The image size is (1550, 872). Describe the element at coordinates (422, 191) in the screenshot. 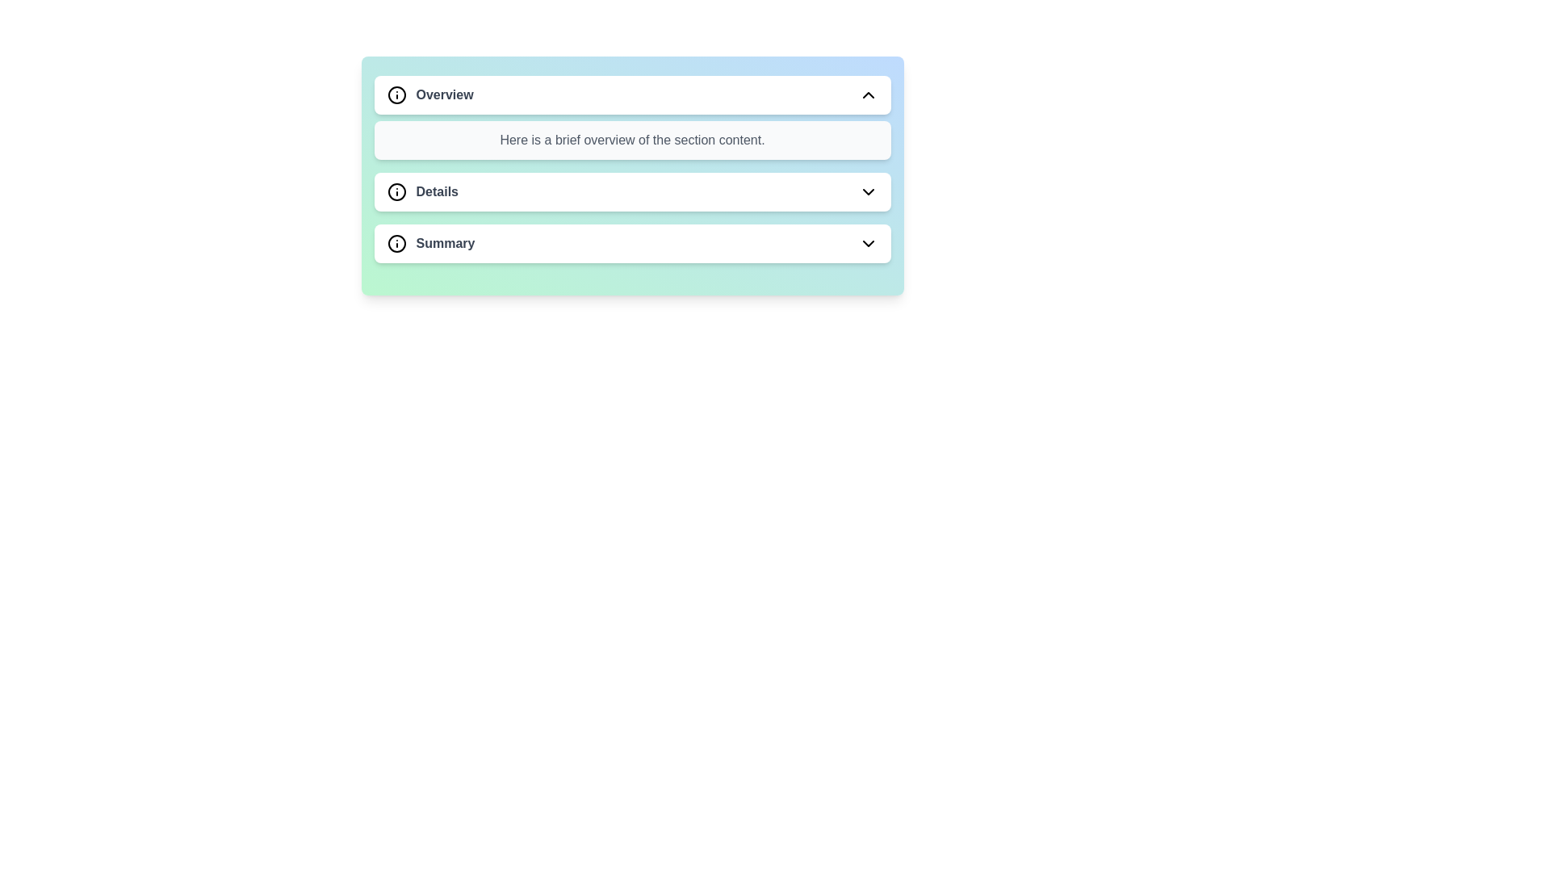

I see `the second option in the vertically stacked list of sections that is located beneath the 'Overview' section and above the 'Summary' section` at that location.